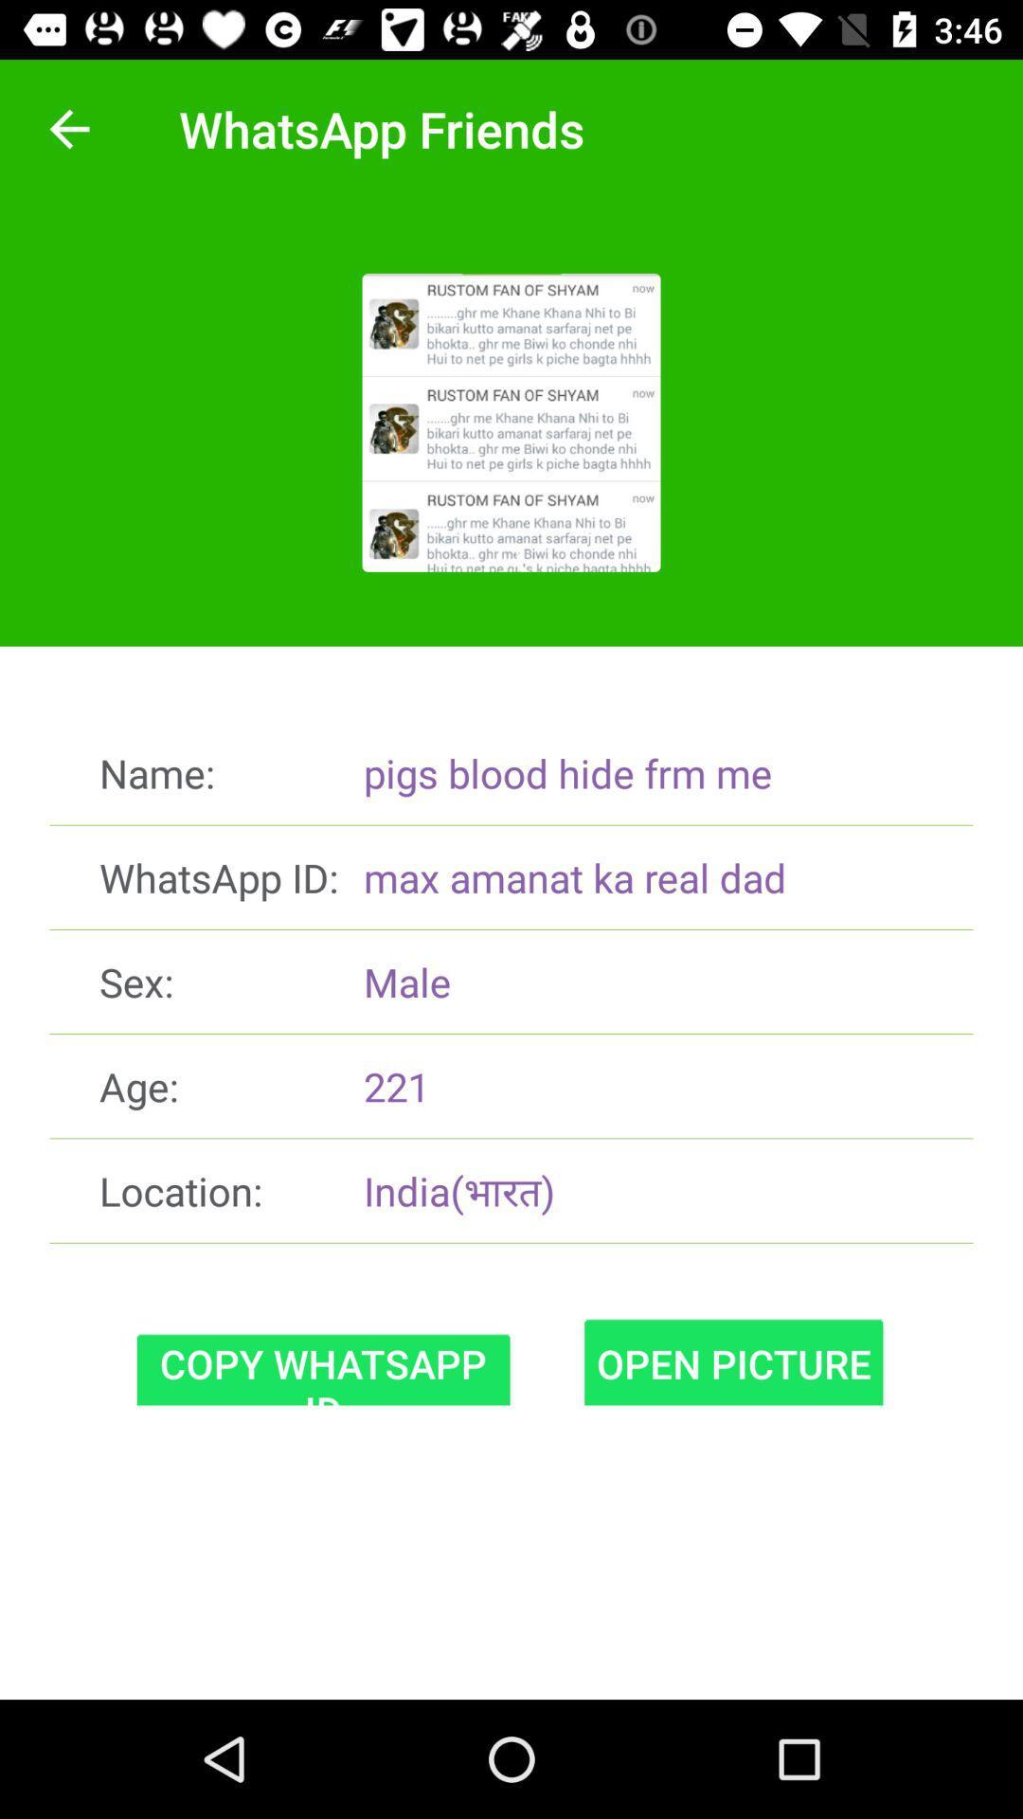 This screenshot has height=1819, width=1023. What do you see at coordinates (732, 1360) in the screenshot?
I see `item to the right of the copy whatsapp id item` at bounding box center [732, 1360].